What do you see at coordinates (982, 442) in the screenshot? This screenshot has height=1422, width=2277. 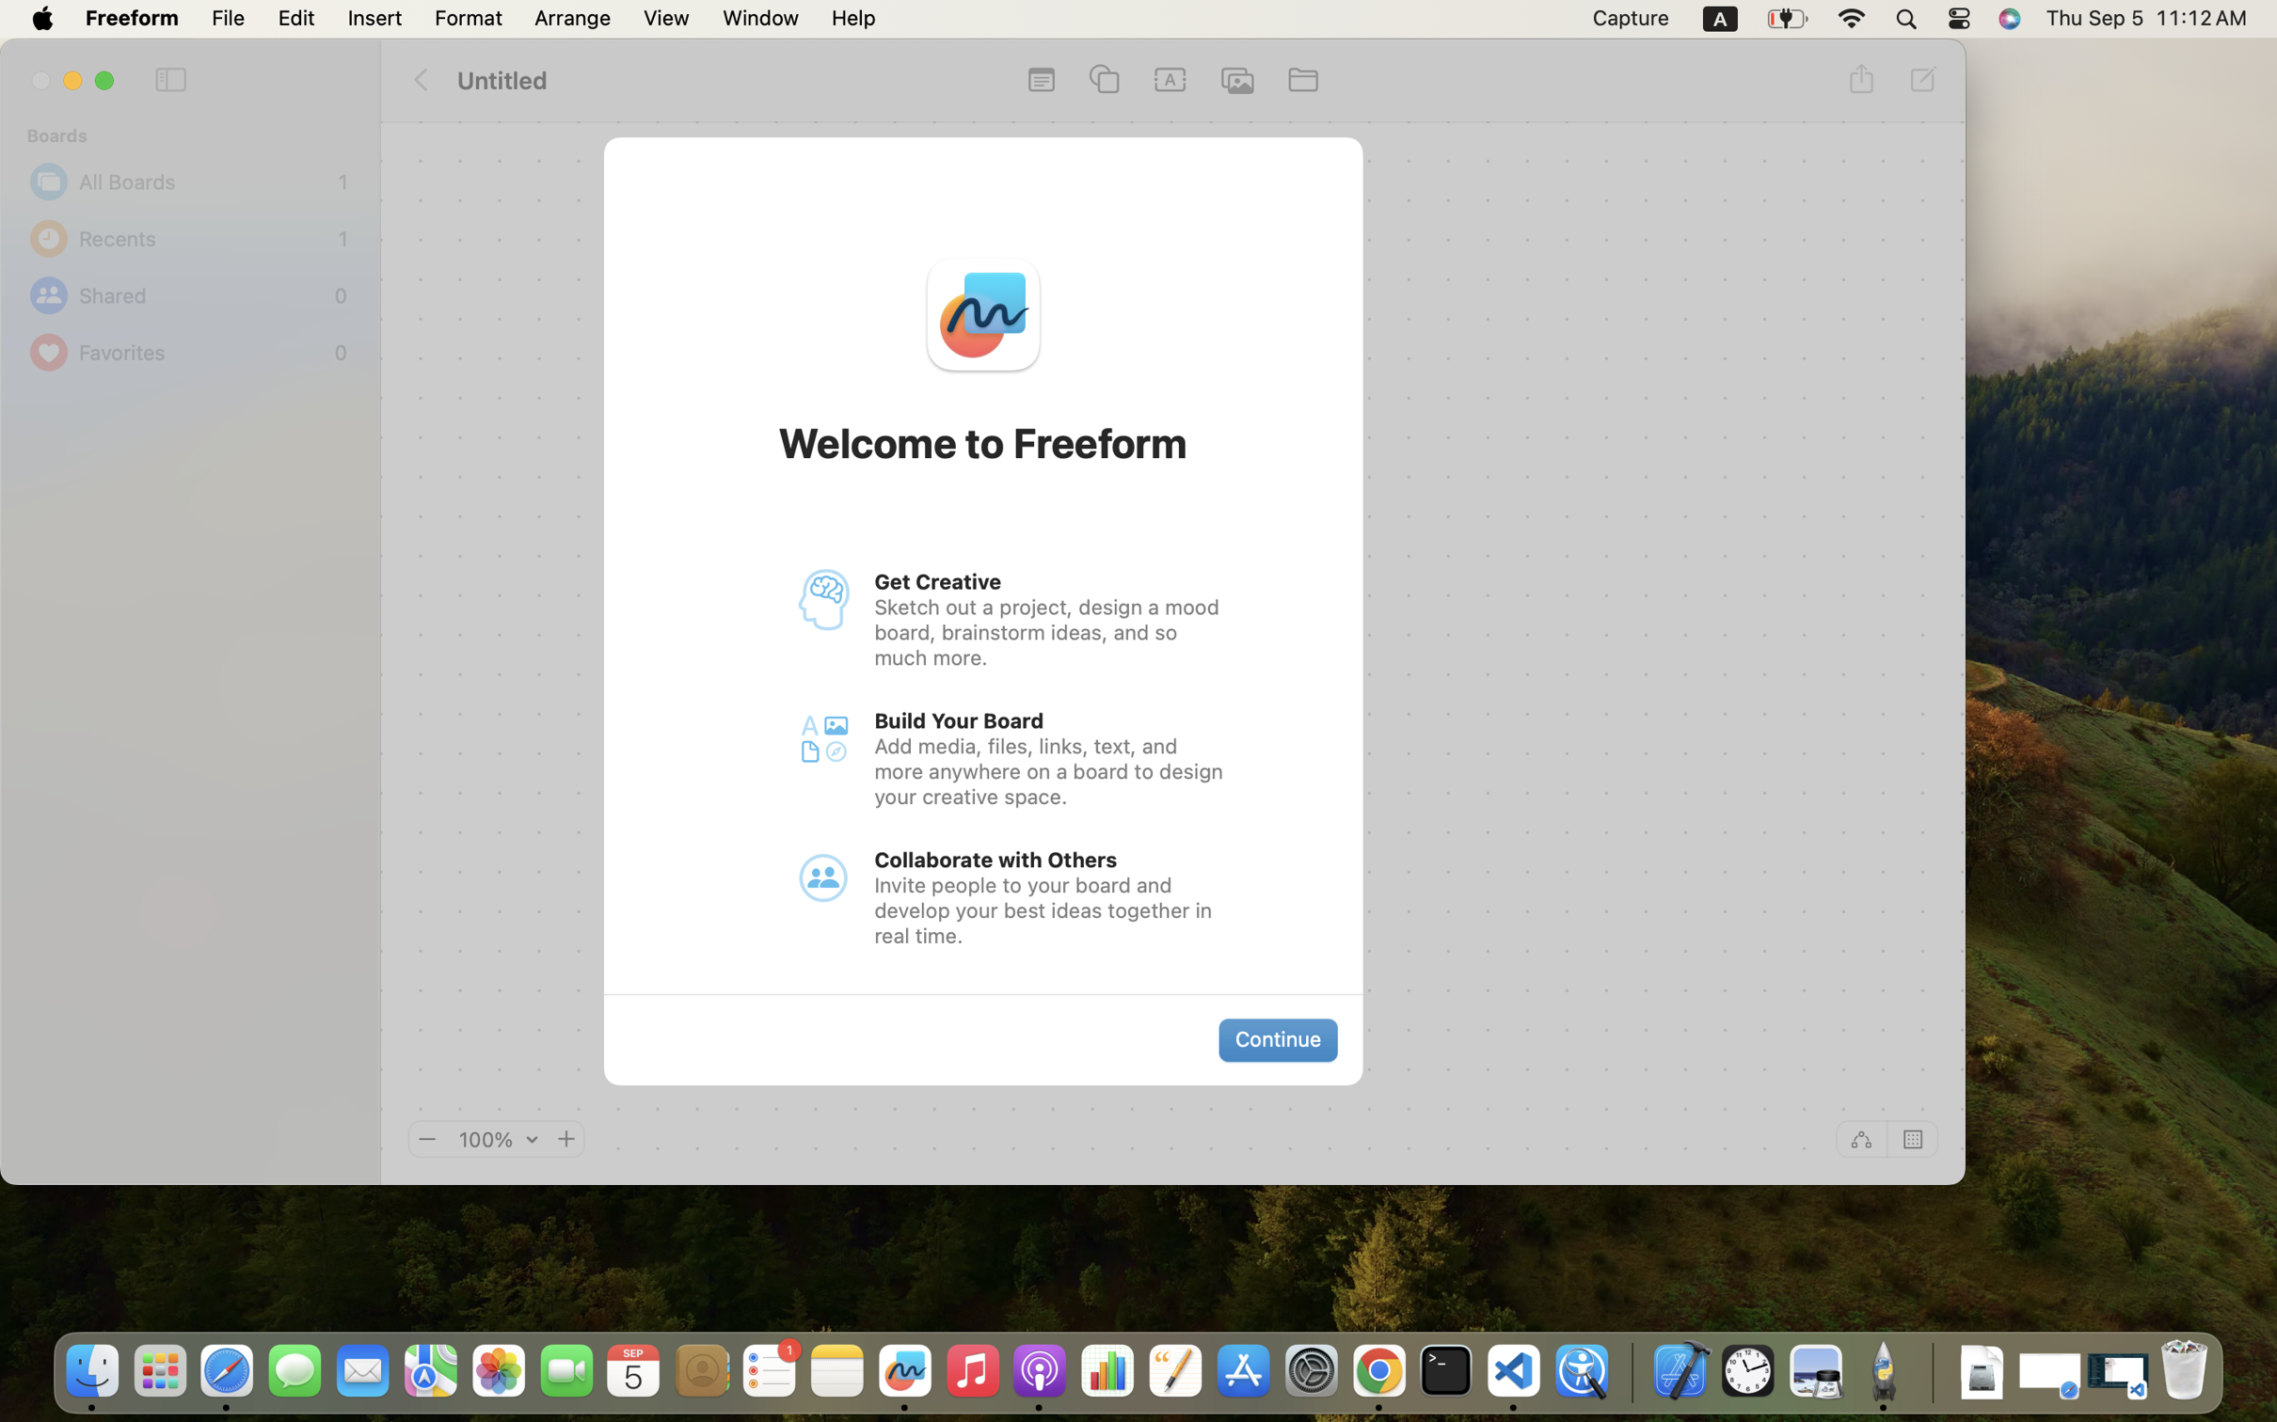 I see `'Welcome to Freeform'` at bounding box center [982, 442].